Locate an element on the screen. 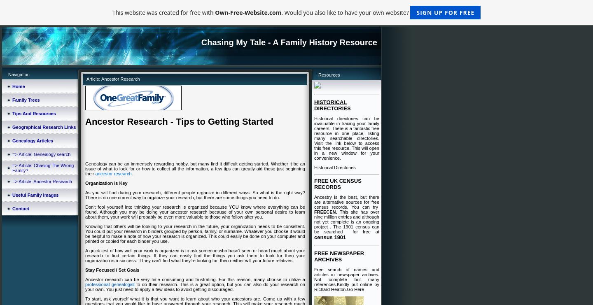 This screenshot has height=305, width=593. 'As you will find during your research, different people organize in different ways. So what is the right way? There is no one correct way to organize your research, but there are some things you need to do.' is located at coordinates (195, 195).